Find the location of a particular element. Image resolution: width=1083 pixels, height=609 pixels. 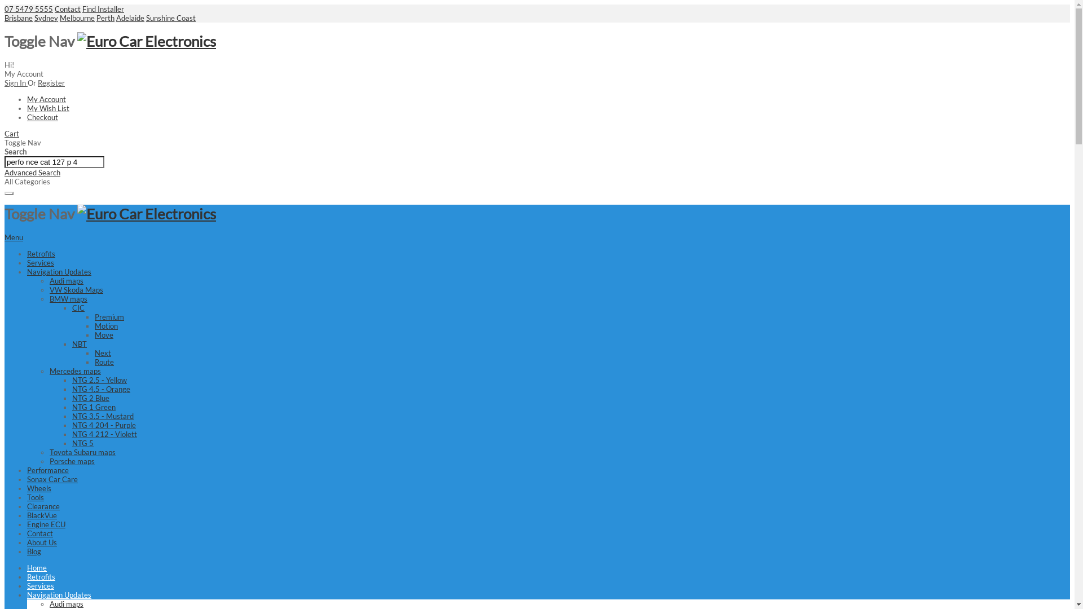

'Move' is located at coordinates (104, 334).